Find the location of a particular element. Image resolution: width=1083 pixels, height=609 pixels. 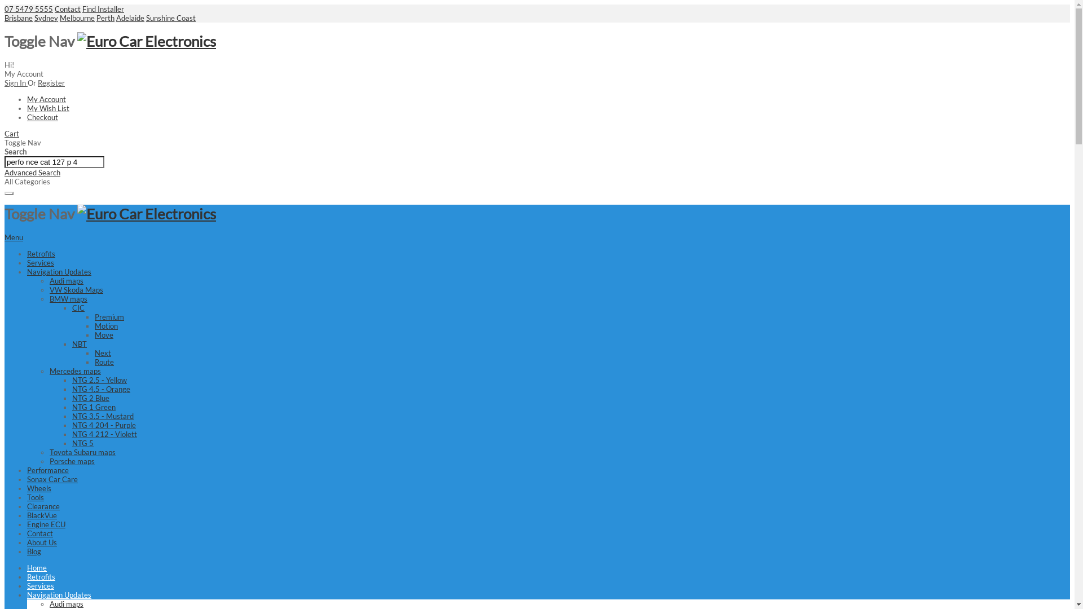

'Move' is located at coordinates (104, 334).